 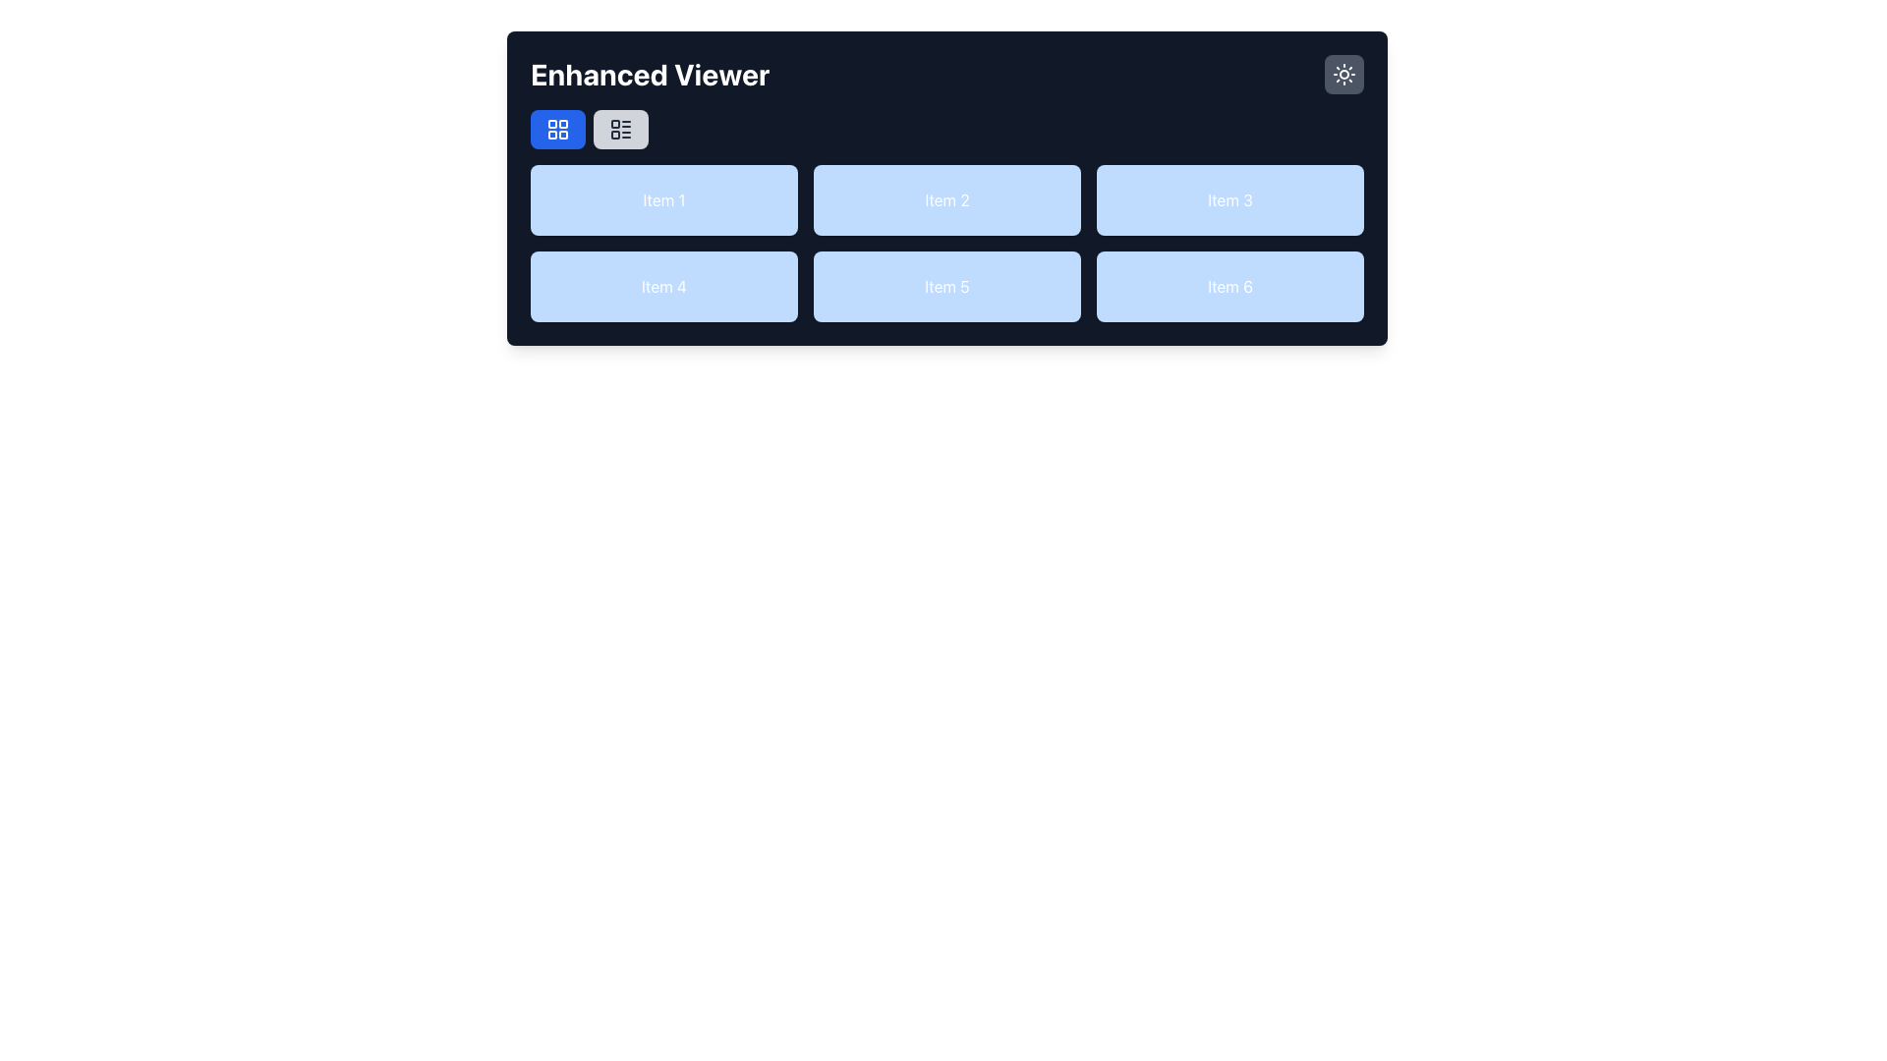 I want to click on the blue rectangular Static Label with rounded corners that contains the text 'Item 6' in white, located in the lower-right corner of the grid layout, so click(x=1229, y=287).